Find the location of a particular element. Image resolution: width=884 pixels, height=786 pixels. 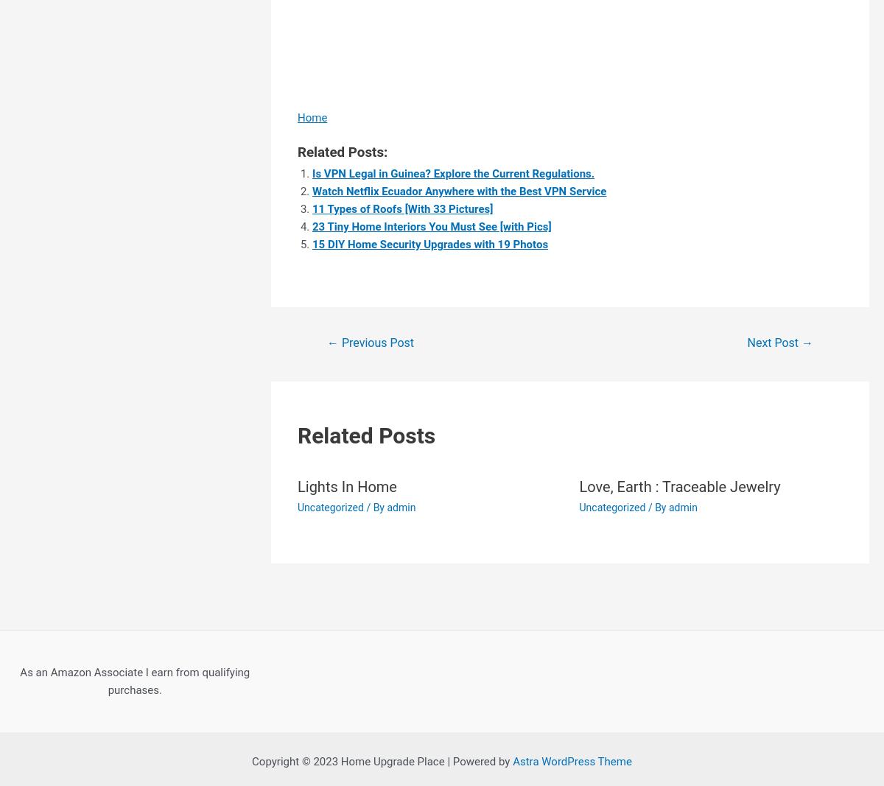

'Is VPN Legal in Guinea? Explore the Current Regulations.' is located at coordinates (453, 172).